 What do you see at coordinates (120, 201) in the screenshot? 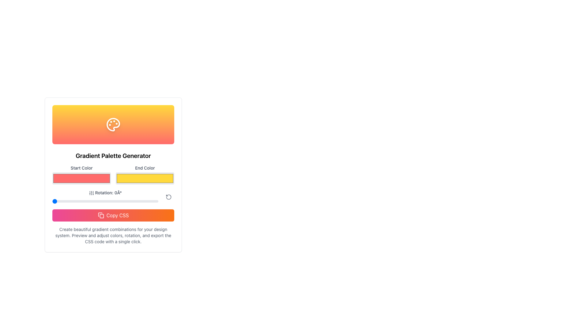
I see `the rotation` at bounding box center [120, 201].